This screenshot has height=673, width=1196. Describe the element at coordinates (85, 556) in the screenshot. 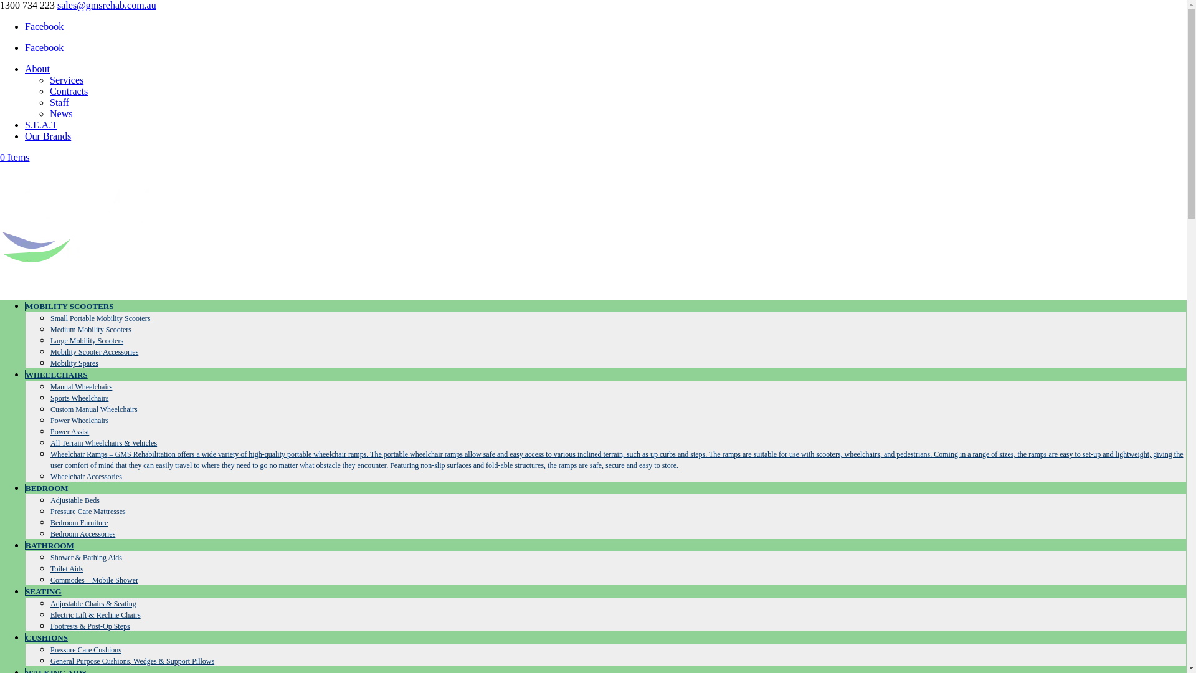

I see `'Shower & Bathing Aids'` at that location.